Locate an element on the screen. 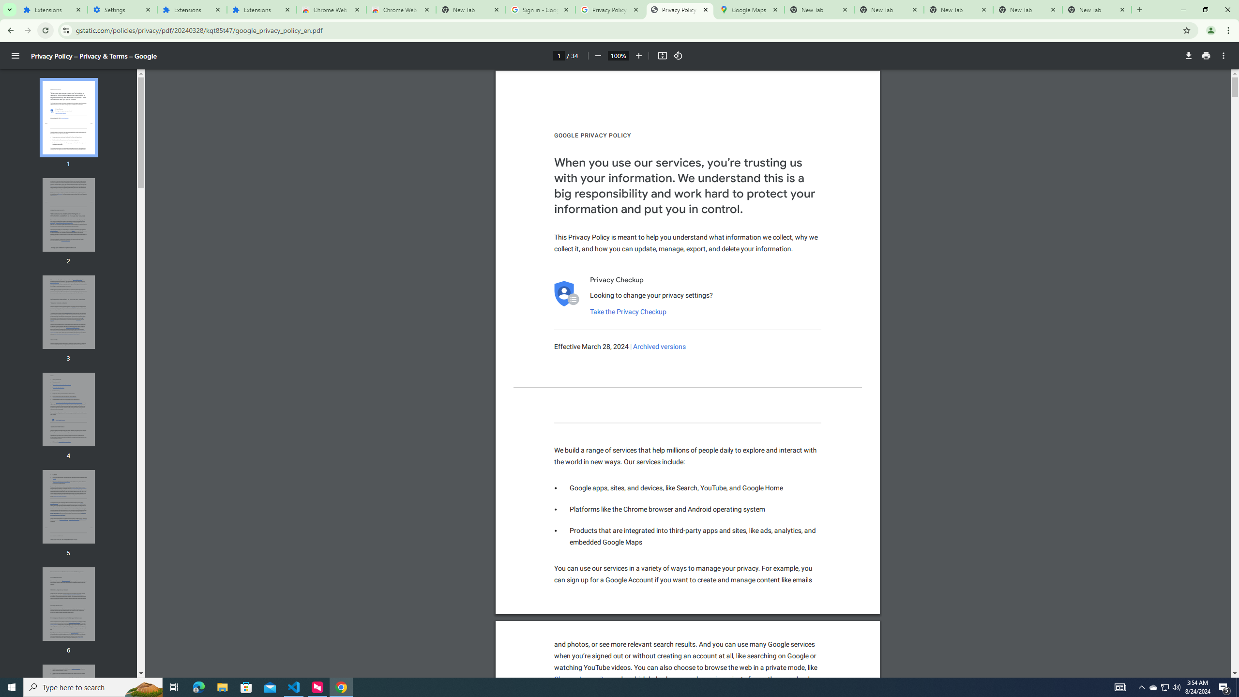  'Take the Privacy Checkup' is located at coordinates (627, 311).